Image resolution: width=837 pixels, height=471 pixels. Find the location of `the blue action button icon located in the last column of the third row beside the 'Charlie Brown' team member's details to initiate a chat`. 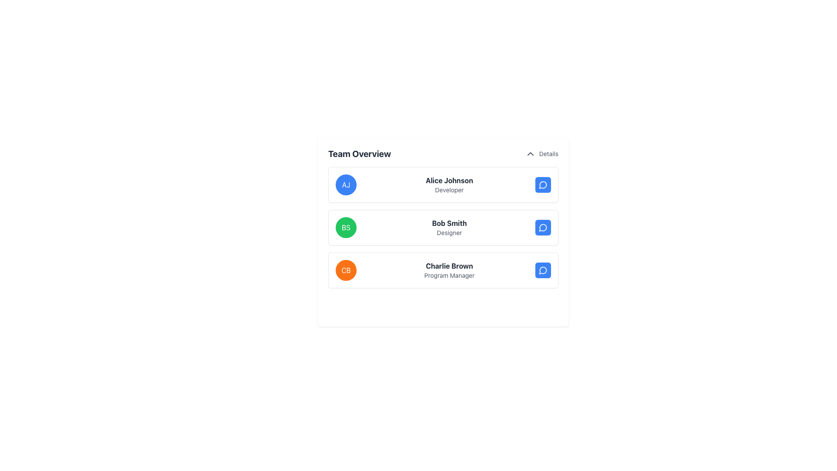

the blue action button icon located in the last column of the third row beside the 'Charlie Brown' team member's details to initiate a chat is located at coordinates (543, 270).